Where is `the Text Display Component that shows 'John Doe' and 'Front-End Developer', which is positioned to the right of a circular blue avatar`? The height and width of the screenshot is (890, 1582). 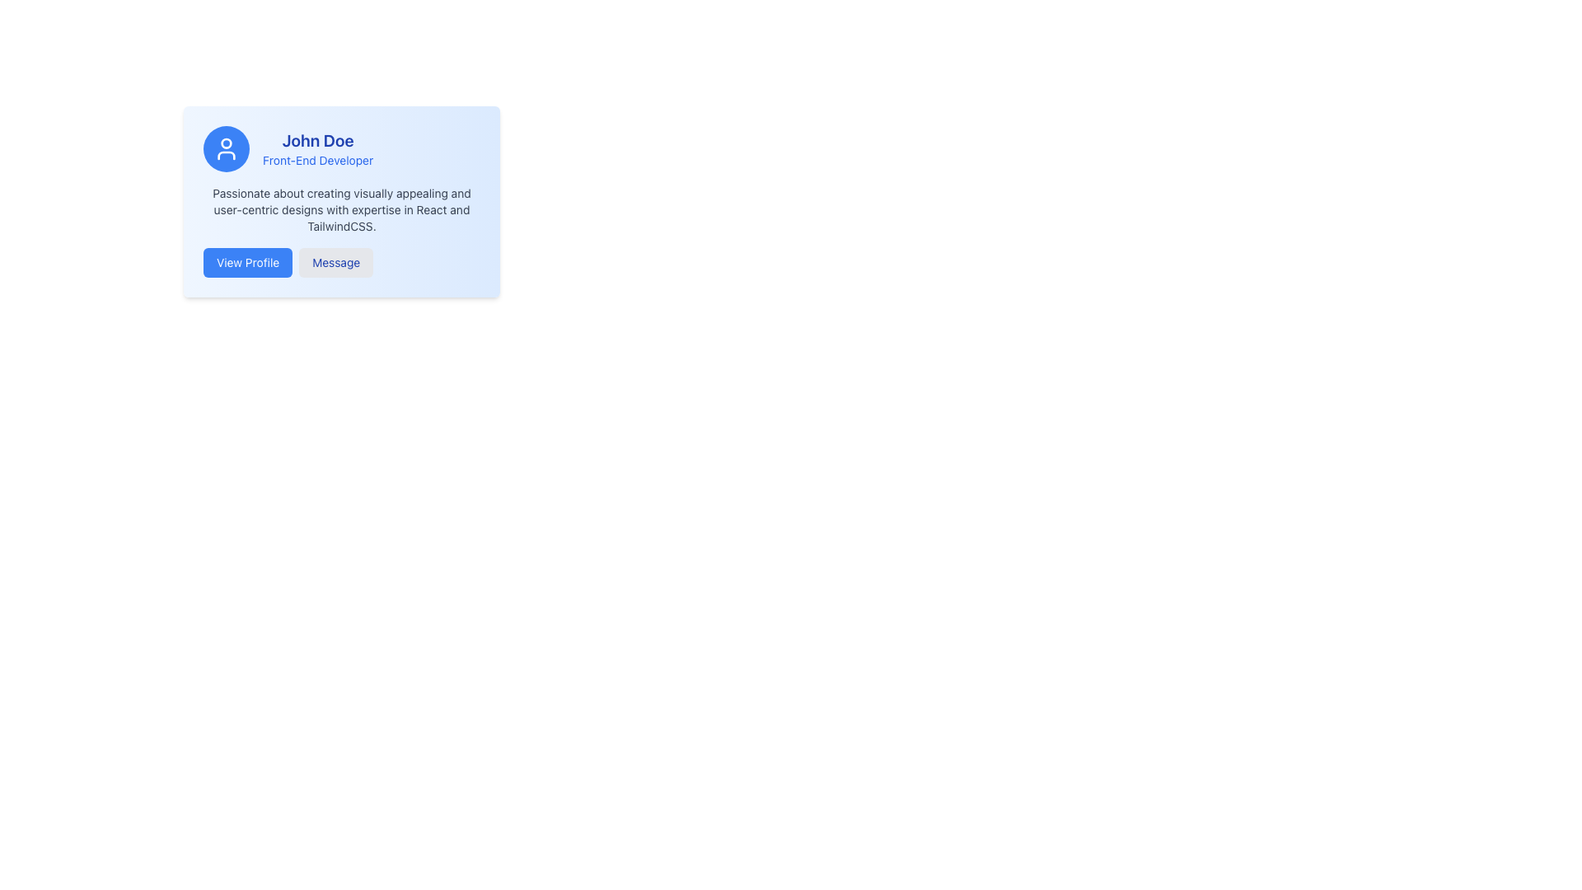 the Text Display Component that shows 'John Doe' and 'Front-End Developer', which is positioned to the right of a circular blue avatar is located at coordinates (318, 149).